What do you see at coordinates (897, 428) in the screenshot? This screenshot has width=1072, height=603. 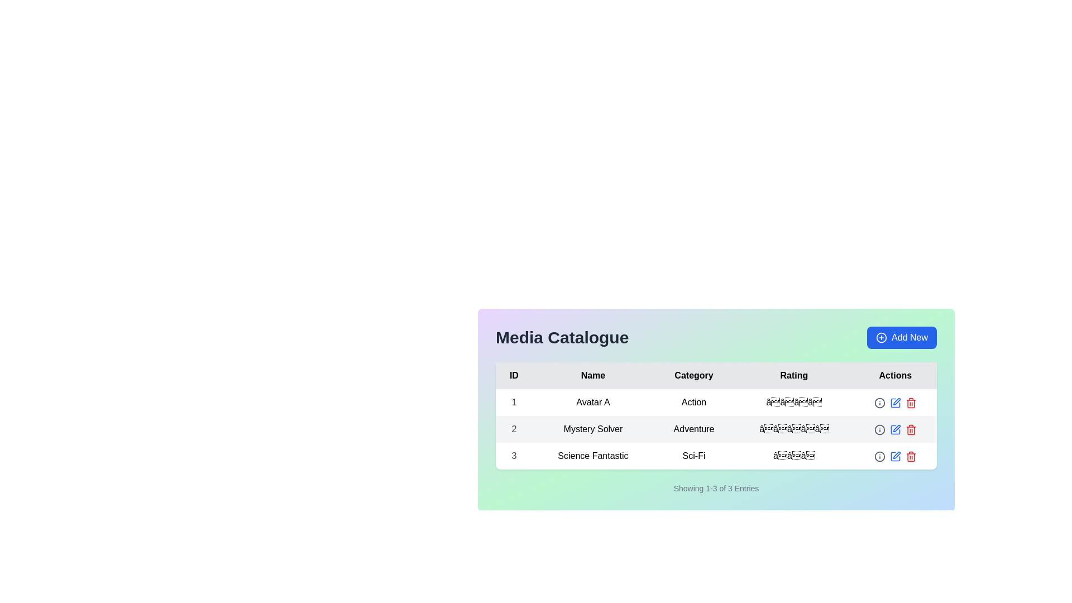 I see `the second icon in the 'Actions' column of the table` at bounding box center [897, 428].